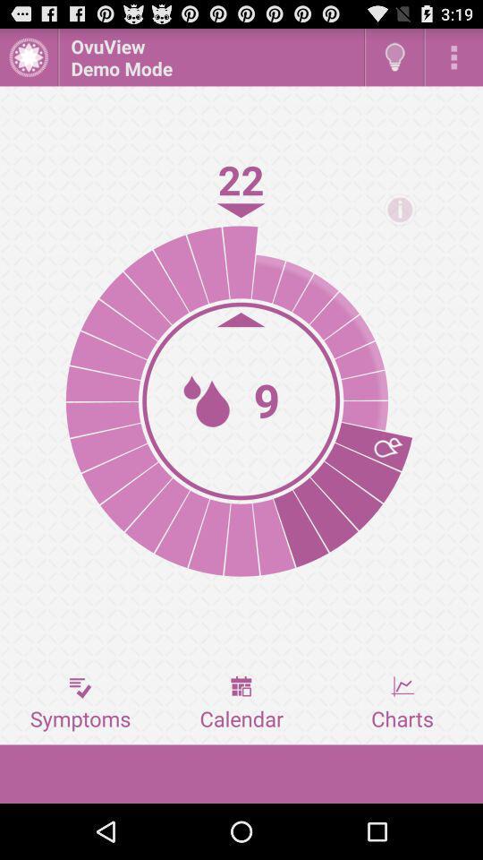 This screenshot has width=483, height=860. I want to click on the icon at the bottom right corner, so click(402, 703).